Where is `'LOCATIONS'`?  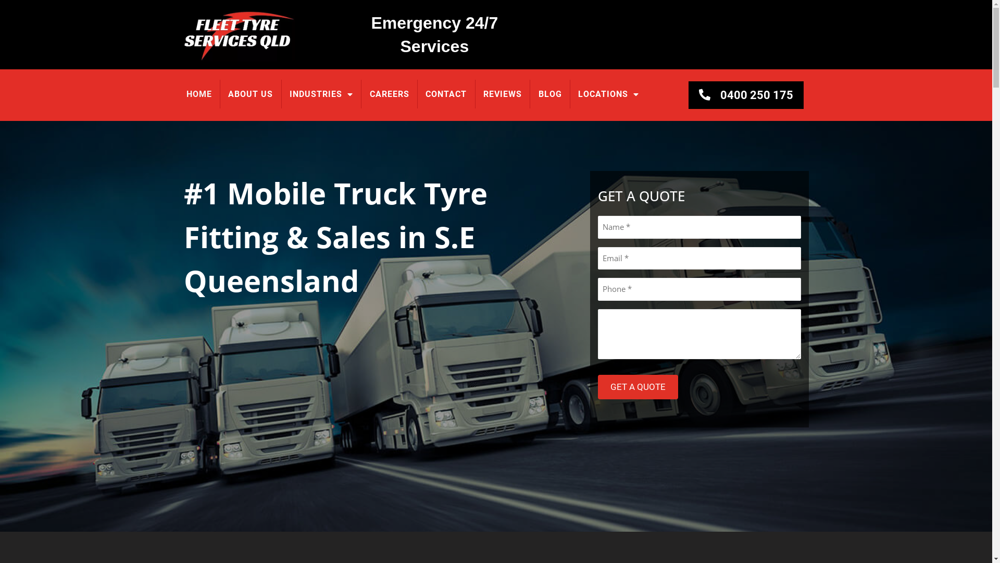 'LOCATIONS' is located at coordinates (609, 94).